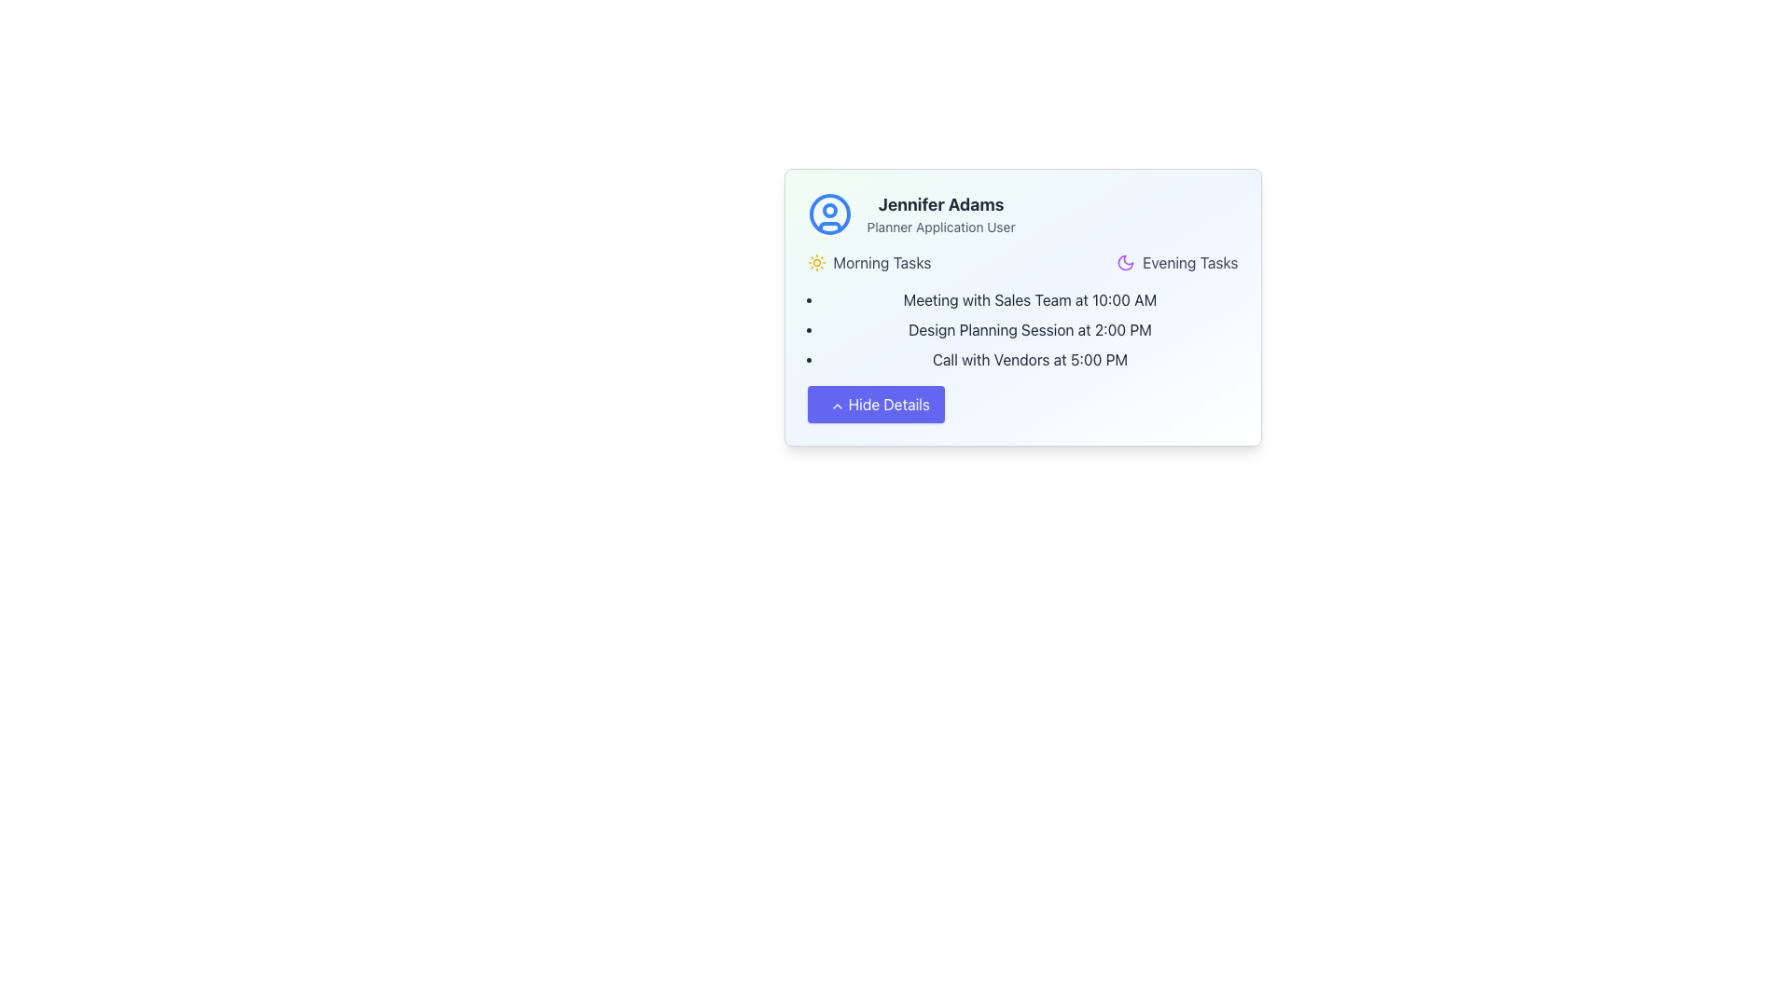  Describe the element at coordinates (881, 262) in the screenshot. I see `on the 'Morning Tasks' text label located in the upper part of the card, positioned` at that location.